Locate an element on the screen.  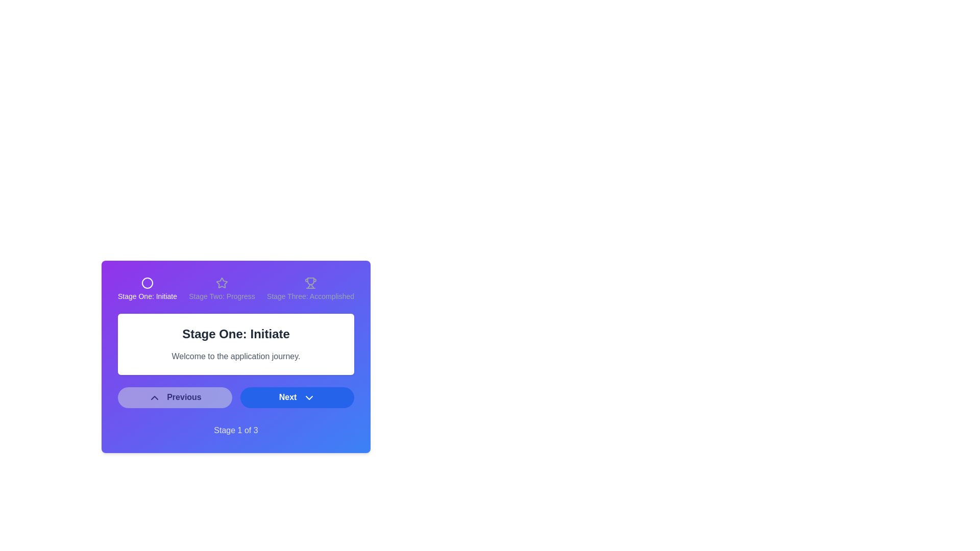
the 'Next' button of the segmented control, which is the right section of the control with a deep blue background and white text is located at coordinates (235, 397).